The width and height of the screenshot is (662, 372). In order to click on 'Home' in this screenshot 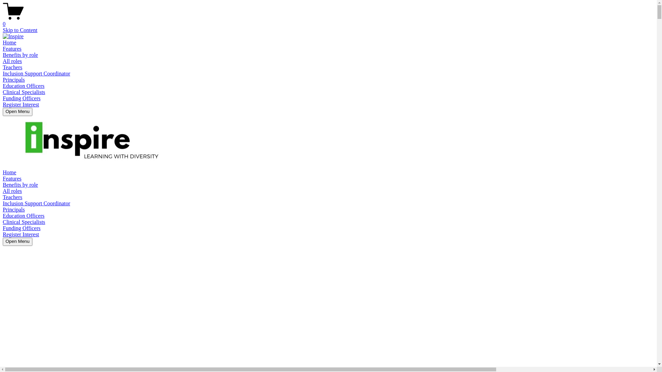, I will do `click(9, 42)`.